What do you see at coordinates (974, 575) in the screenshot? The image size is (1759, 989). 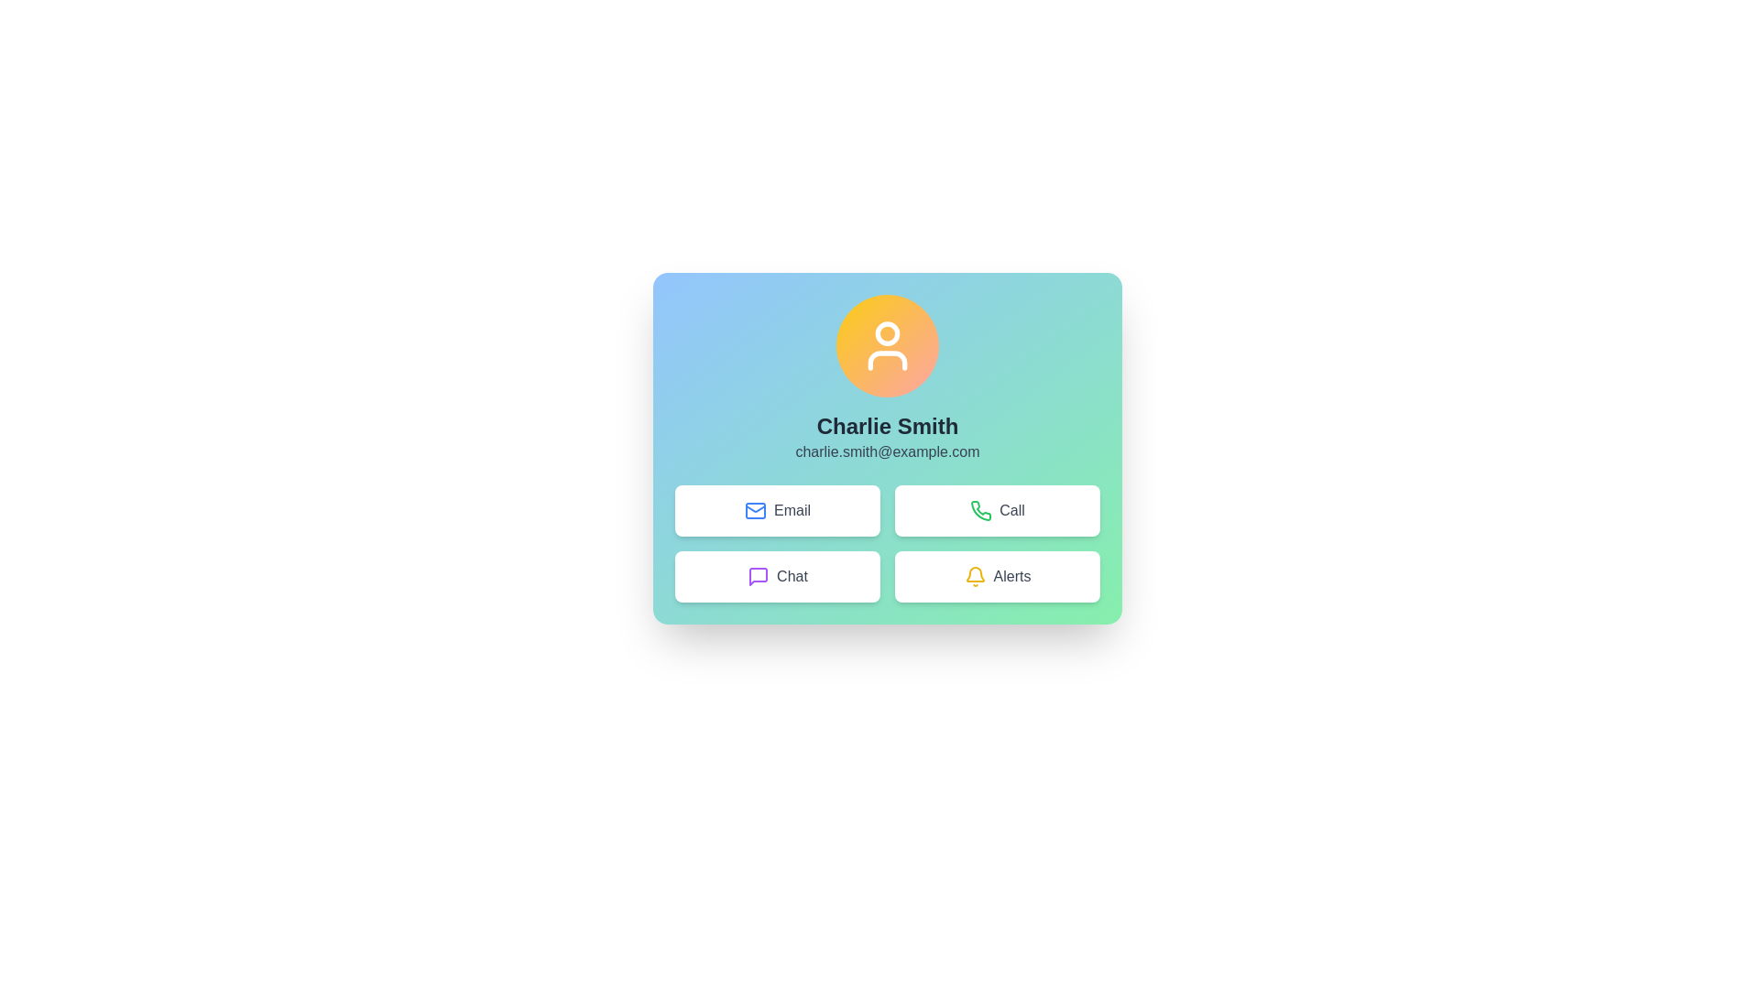 I see `the yellow bell icon, which is the leftmost element in the 'Alerts' section located in the lower-right quadrant of the card` at bounding box center [974, 575].